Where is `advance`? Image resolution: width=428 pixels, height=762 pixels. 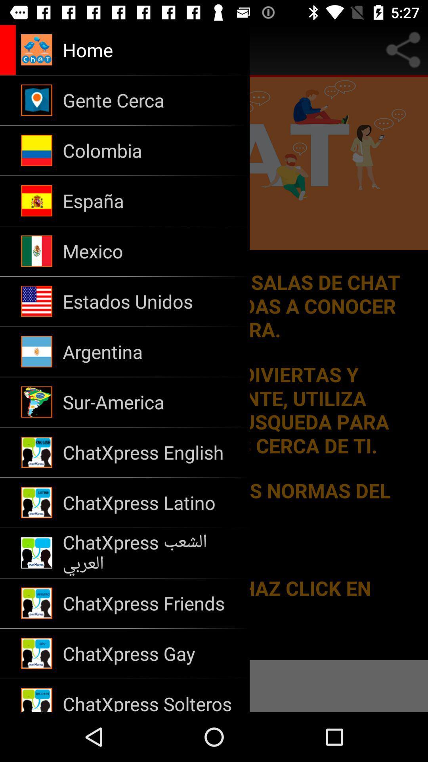
advance is located at coordinates (10, 49).